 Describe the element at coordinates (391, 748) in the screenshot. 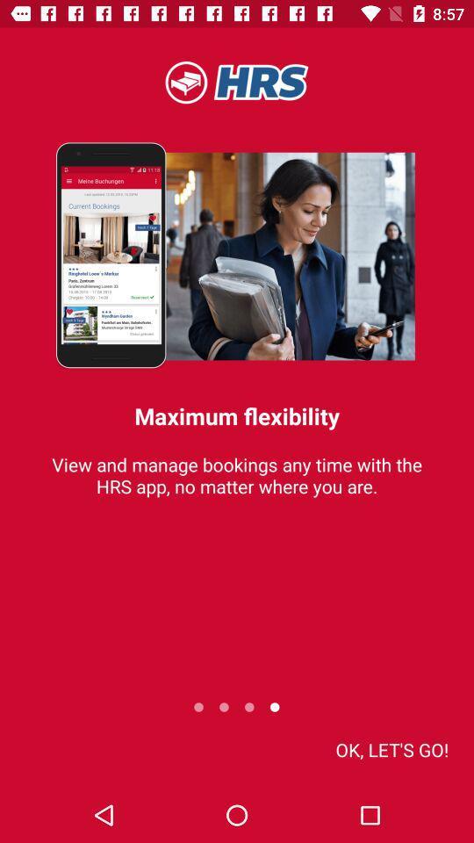

I see `the icon below view and manage icon` at that location.